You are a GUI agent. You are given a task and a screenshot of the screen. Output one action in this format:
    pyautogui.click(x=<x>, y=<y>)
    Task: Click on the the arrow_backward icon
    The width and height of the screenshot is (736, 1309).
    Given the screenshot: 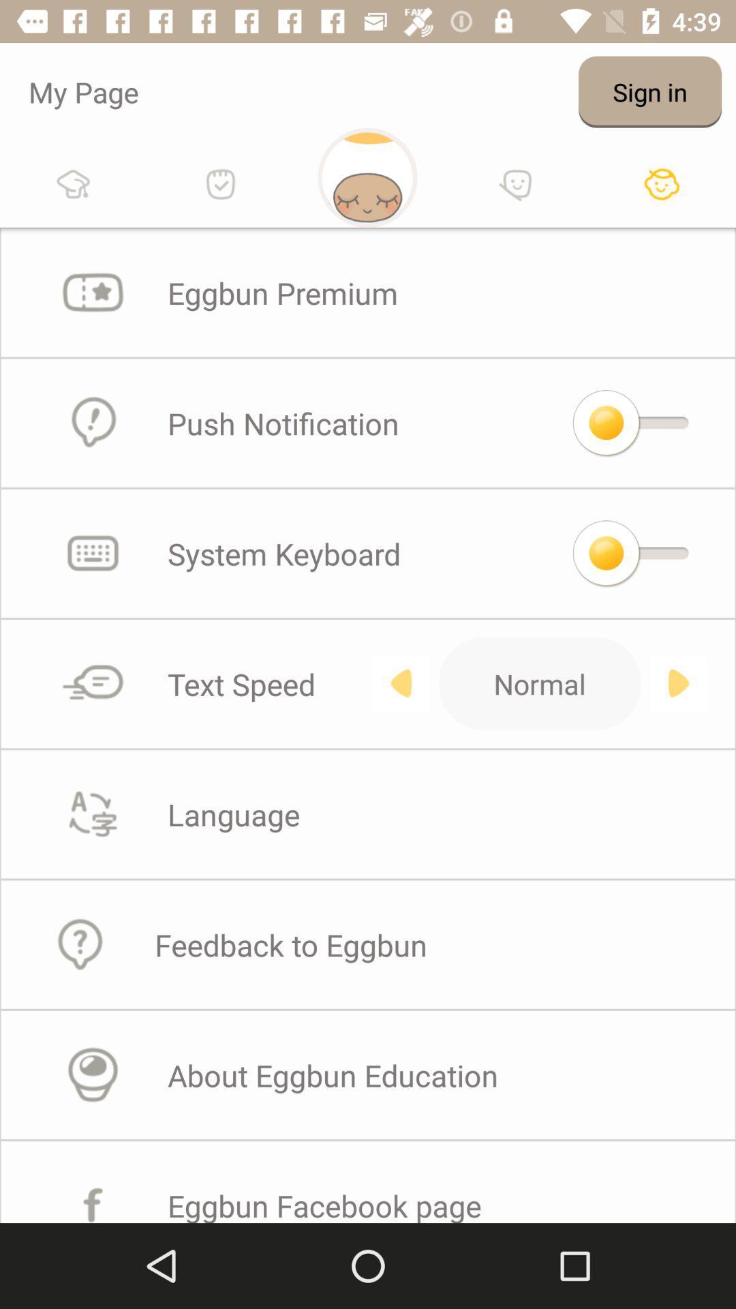 What is the action you would take?
    pyautogui.click(x=400, y=683)
    